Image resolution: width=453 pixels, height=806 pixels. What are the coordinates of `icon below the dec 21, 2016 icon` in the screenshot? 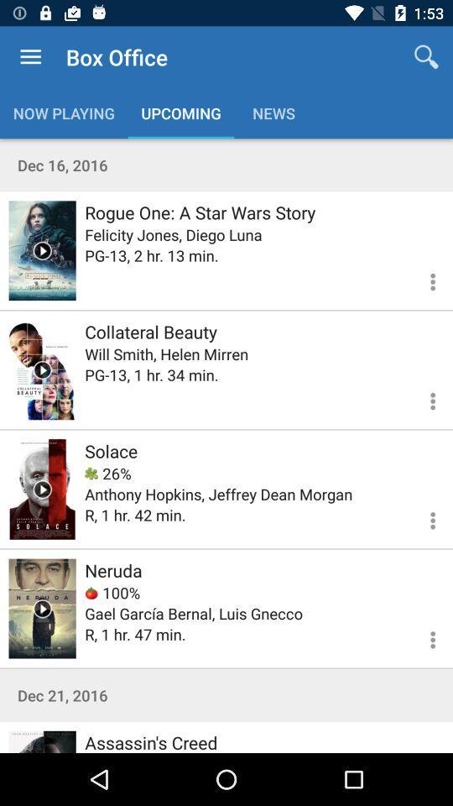 It's located at (151, 741).